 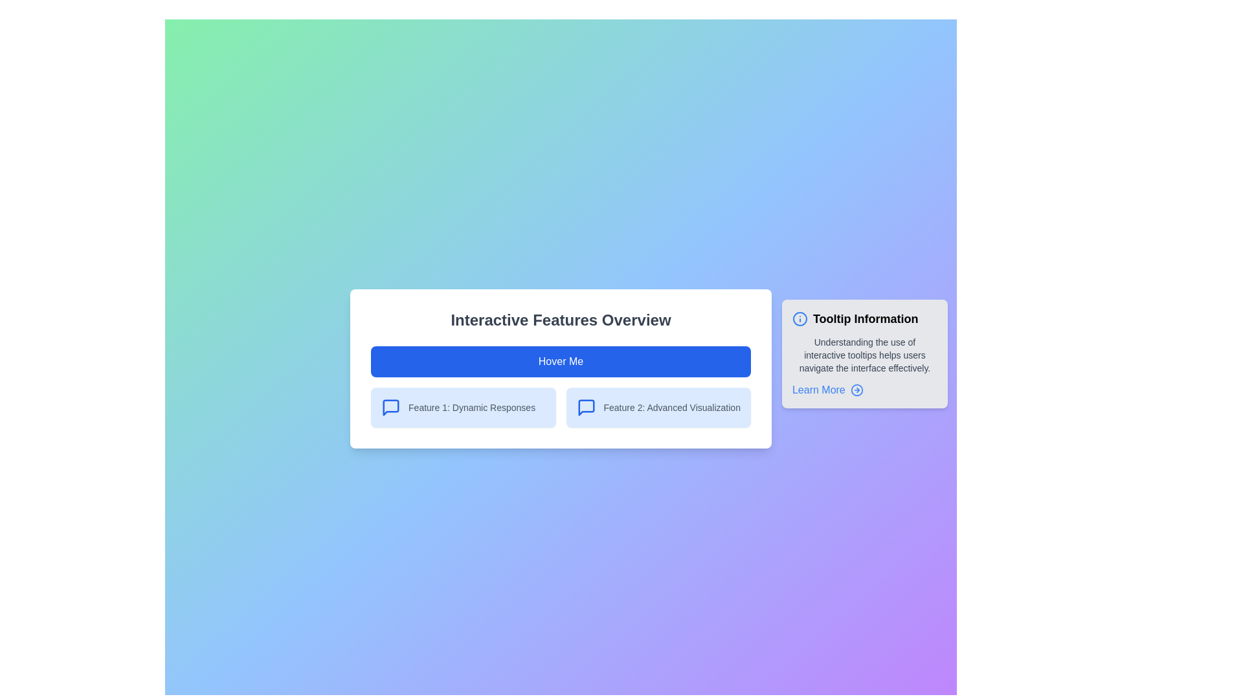 I want to click on the text element that serves as the title for the tooltip box, located near the upper portion of the tooltip, positioned to the right of the central interface, so click(x=864, y=319).